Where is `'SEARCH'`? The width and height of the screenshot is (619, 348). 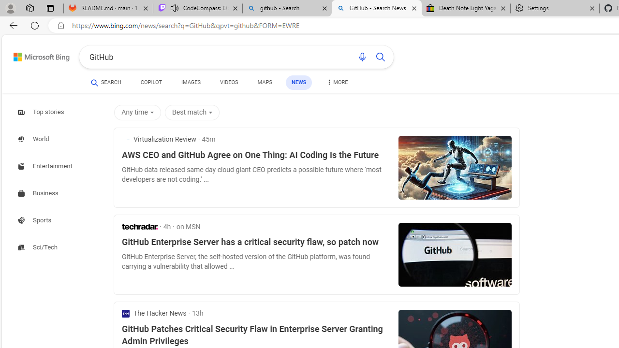 'SEARCH' is located at coordinates (106, 82).